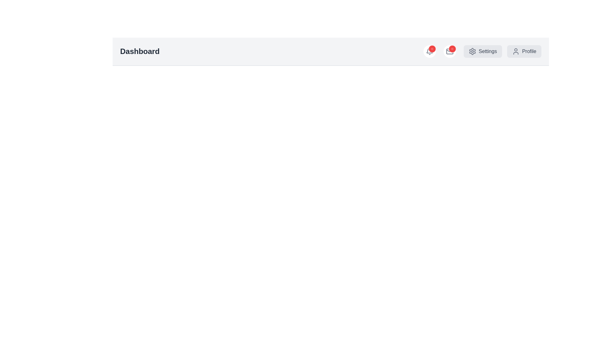  Describe the element at coordinates (482, 51) in the screenshot. I see `the Toolbar located at the top-right corner of the interface, which includes distinct items like notifications, settings, and profile management` at that location.